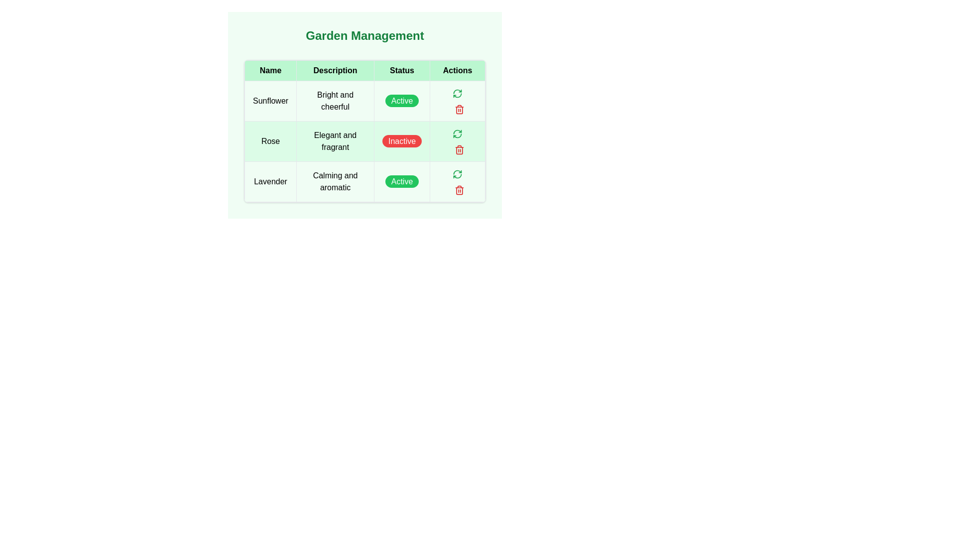 The image size is (956, 538). I want to click on the curved arrow icon in the 'Actions' column for the 'Rose' entry, so click(457, 172).